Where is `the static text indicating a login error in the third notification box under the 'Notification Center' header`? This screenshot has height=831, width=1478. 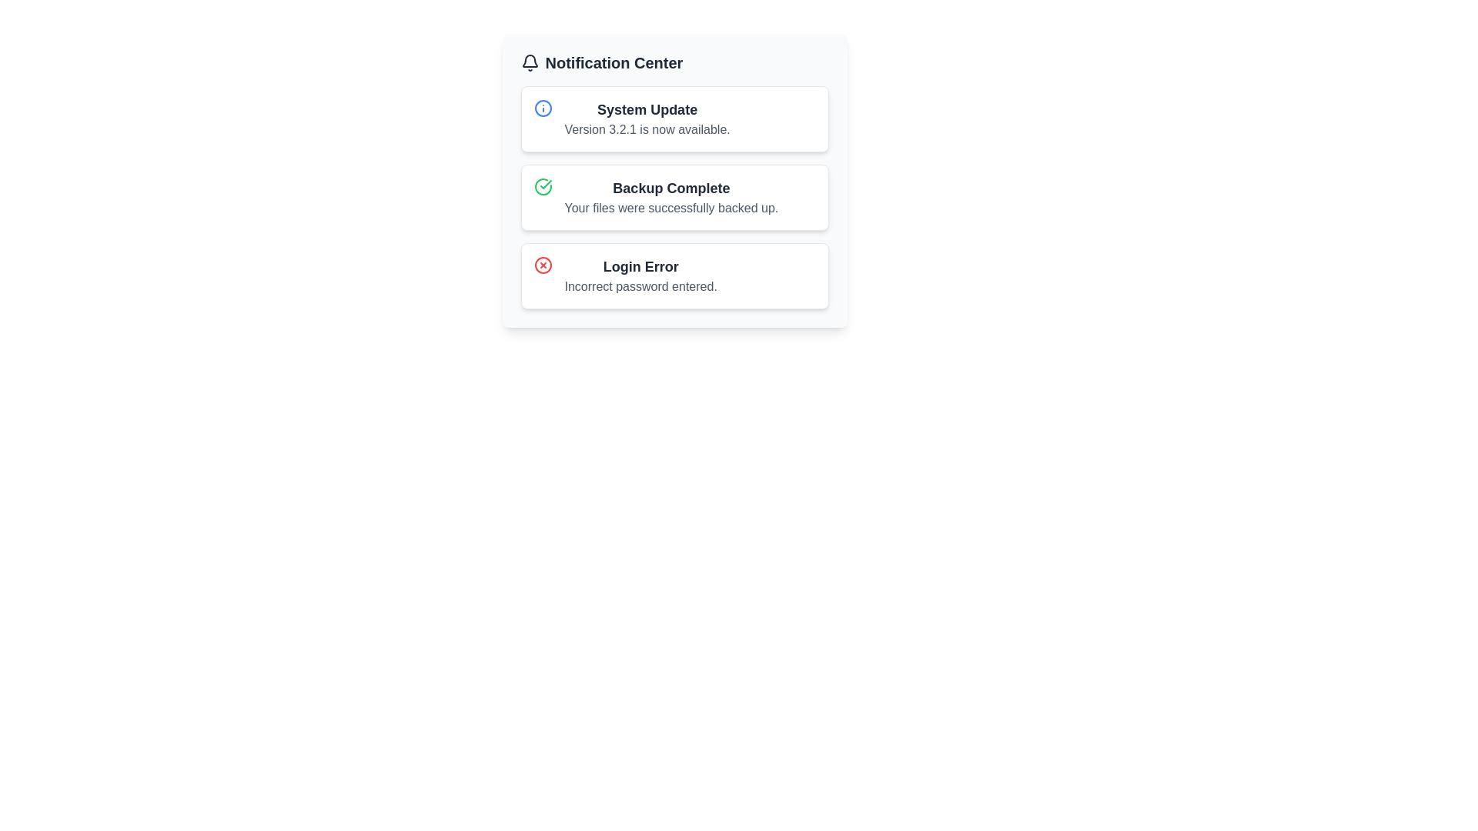 the static text indicating a login error in the third notification box under the 'Notification Center' header is located at coordinates (640, 266).